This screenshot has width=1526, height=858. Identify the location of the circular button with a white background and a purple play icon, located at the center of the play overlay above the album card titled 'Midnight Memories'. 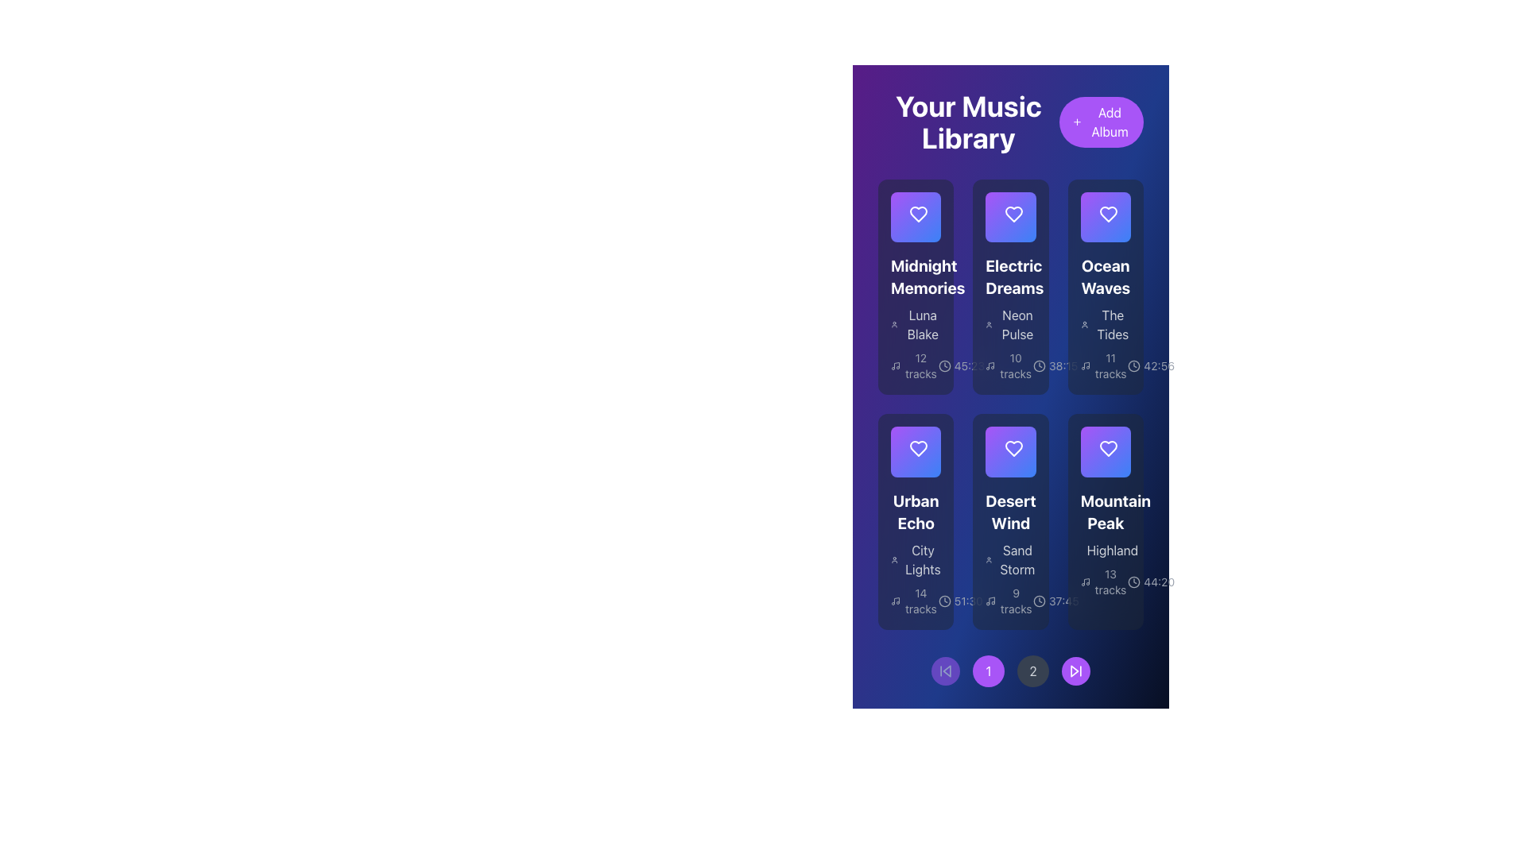
(916, 217).